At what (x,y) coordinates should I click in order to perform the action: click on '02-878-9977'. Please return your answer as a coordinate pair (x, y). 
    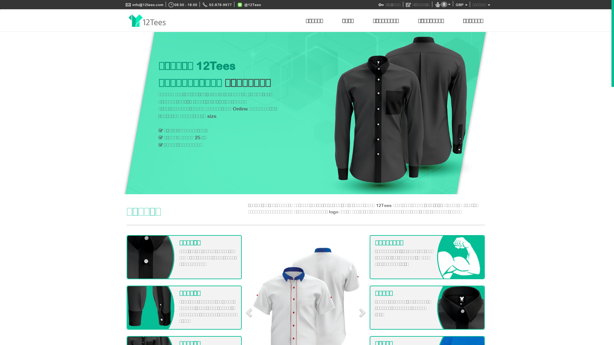
    Looking at the image, I should click on (217, 5).